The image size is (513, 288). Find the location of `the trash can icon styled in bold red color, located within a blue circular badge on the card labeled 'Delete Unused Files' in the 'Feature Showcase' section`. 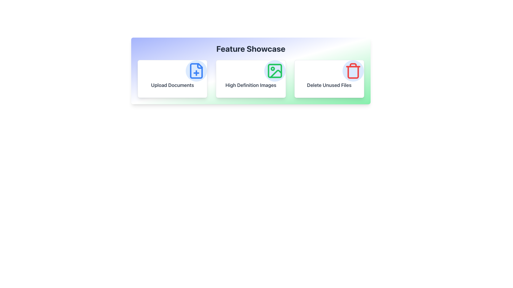

the trash can icon styled in bold red color, located within a blue circular badge on the card labeled 'Delete Unused Files' in the 'Feature Showcase' section is located at coordinates (353, 71).